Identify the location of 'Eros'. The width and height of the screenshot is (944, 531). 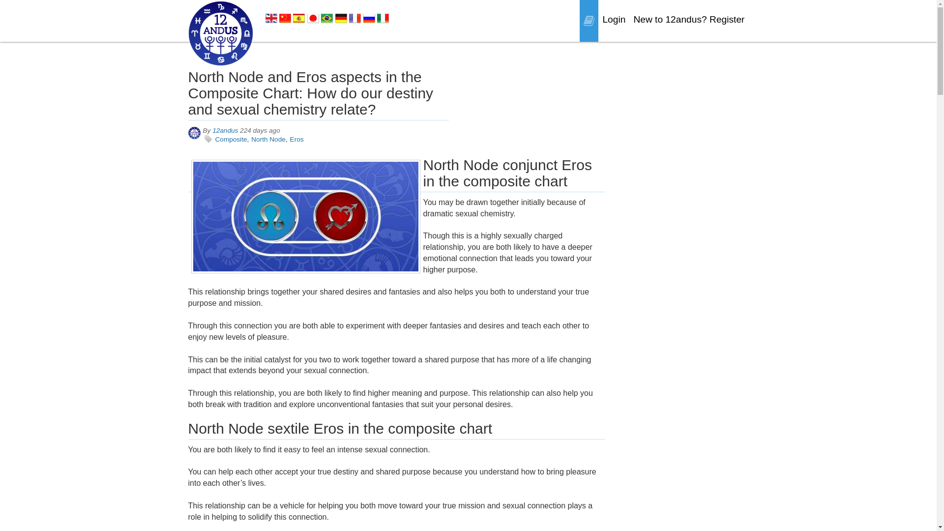
(296, 139).